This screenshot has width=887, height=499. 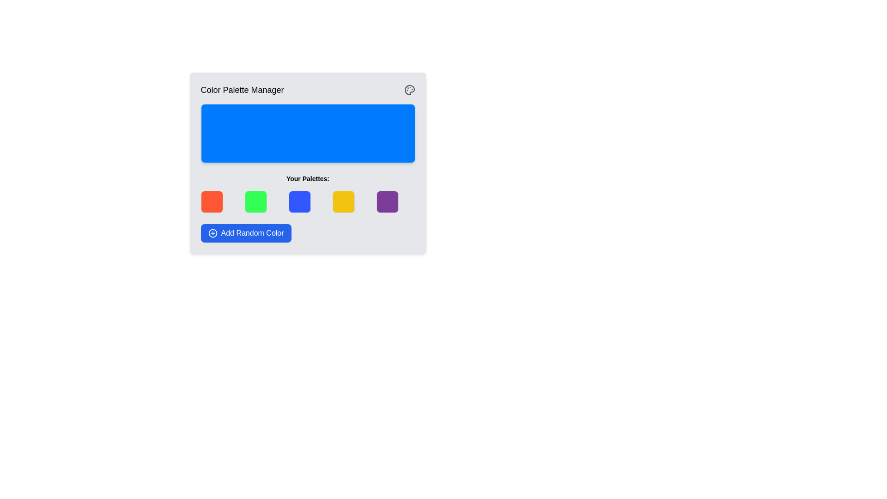 I want to click on the second color selection tile in the color palette, so click(x=255, y=201).